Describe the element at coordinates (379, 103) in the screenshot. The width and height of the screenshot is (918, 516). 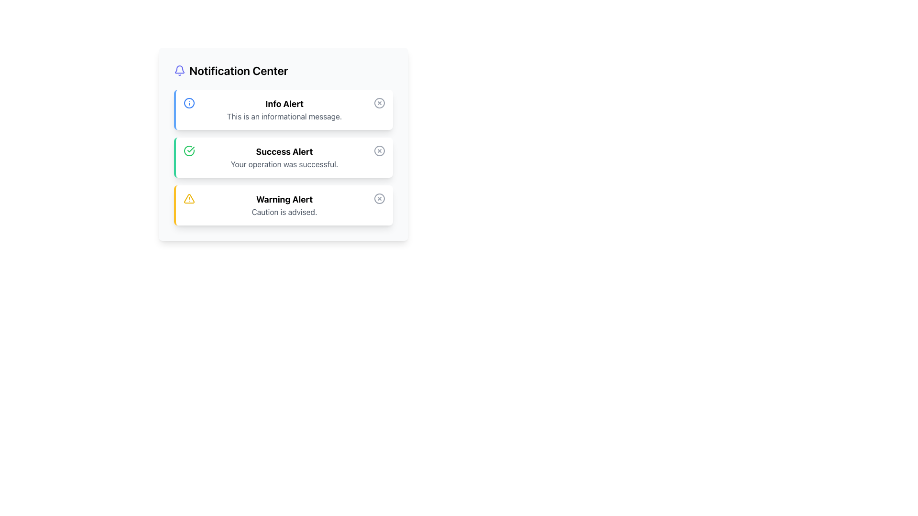
I see `the circular decorative element located at the top-right corner of the 'Info Alert' notification item, which enhances the visibility of the close button icon` at that location.